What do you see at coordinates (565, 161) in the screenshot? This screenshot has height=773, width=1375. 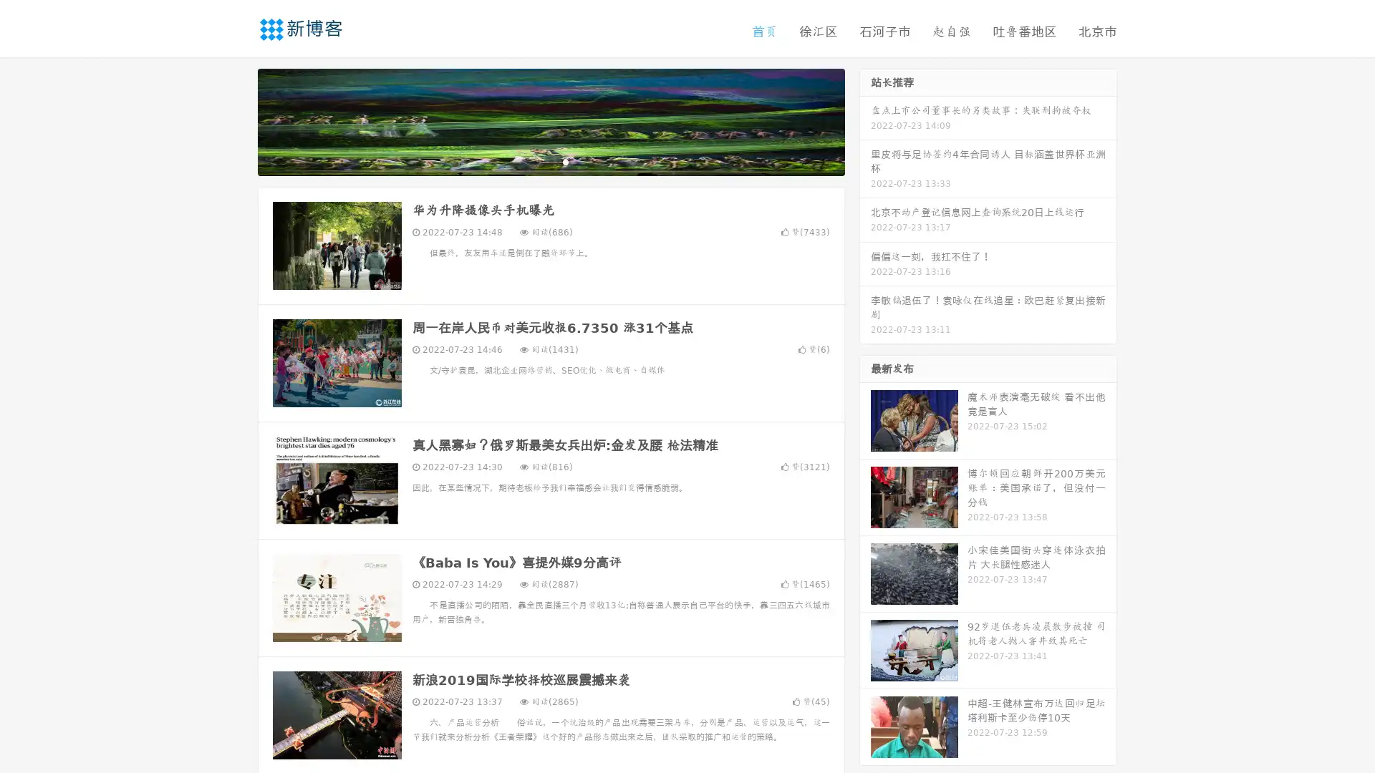 I see `Go to slide 3` at bounding box center [565, 161].